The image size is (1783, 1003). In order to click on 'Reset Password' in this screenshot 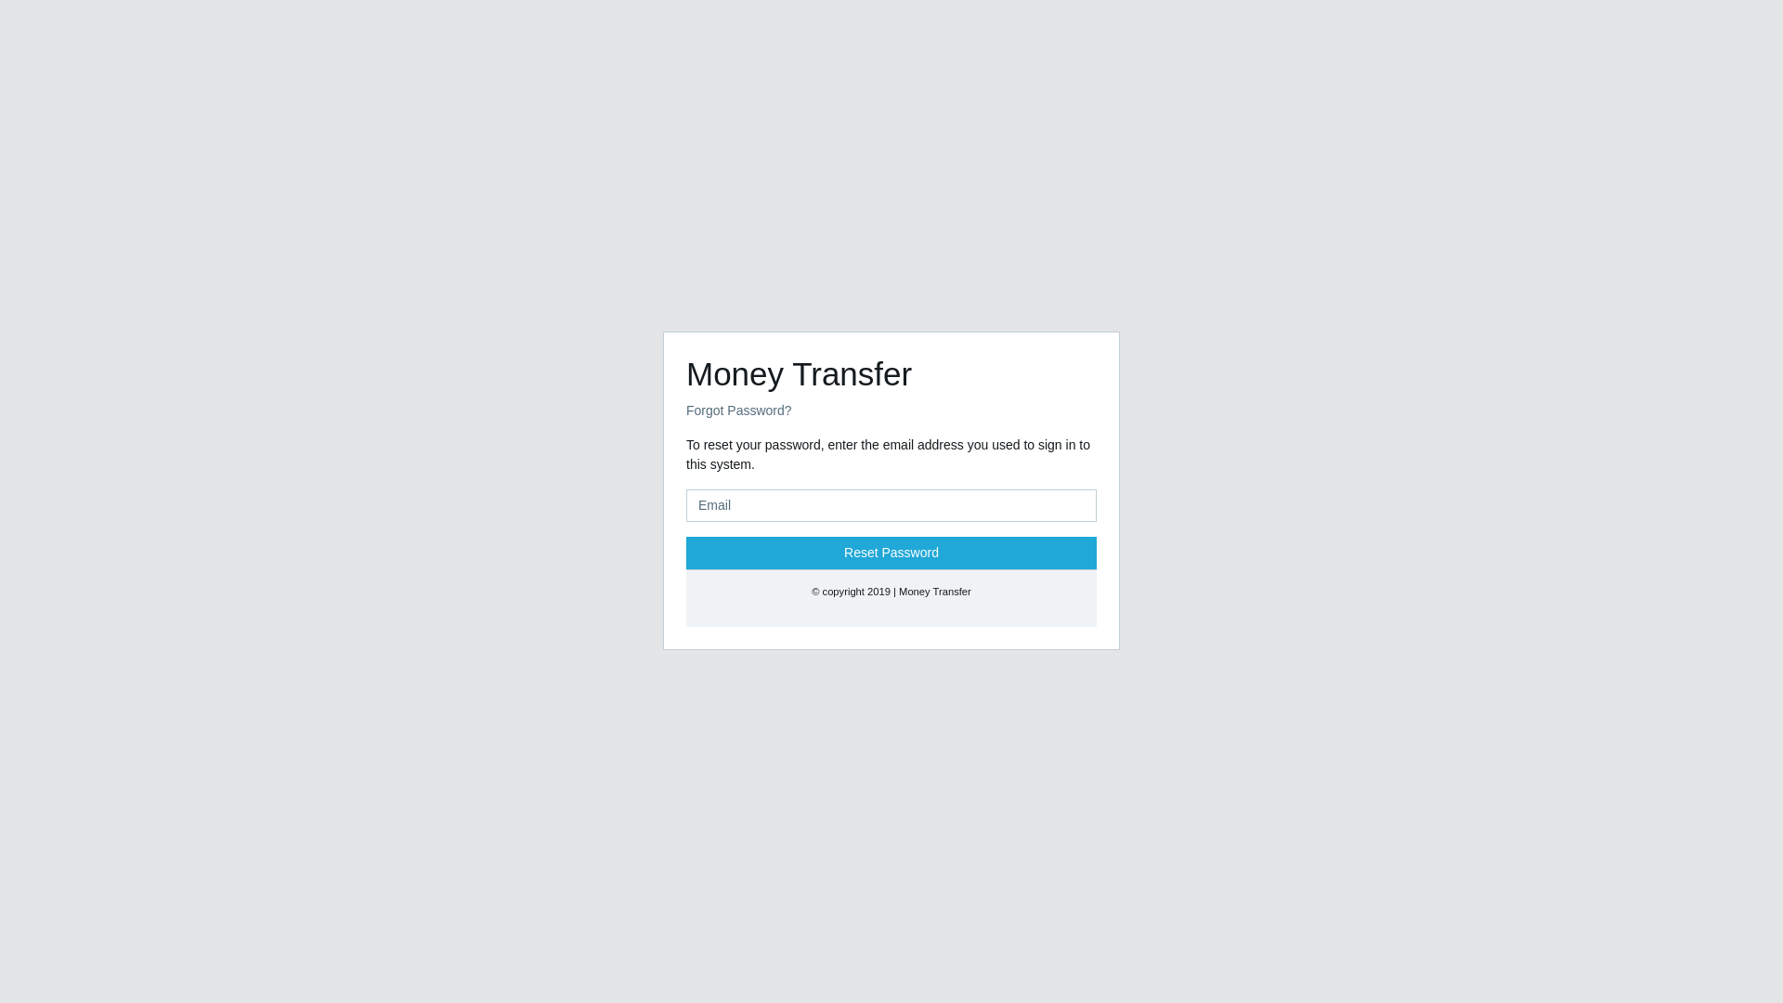, I will do `click(891, 552)`.